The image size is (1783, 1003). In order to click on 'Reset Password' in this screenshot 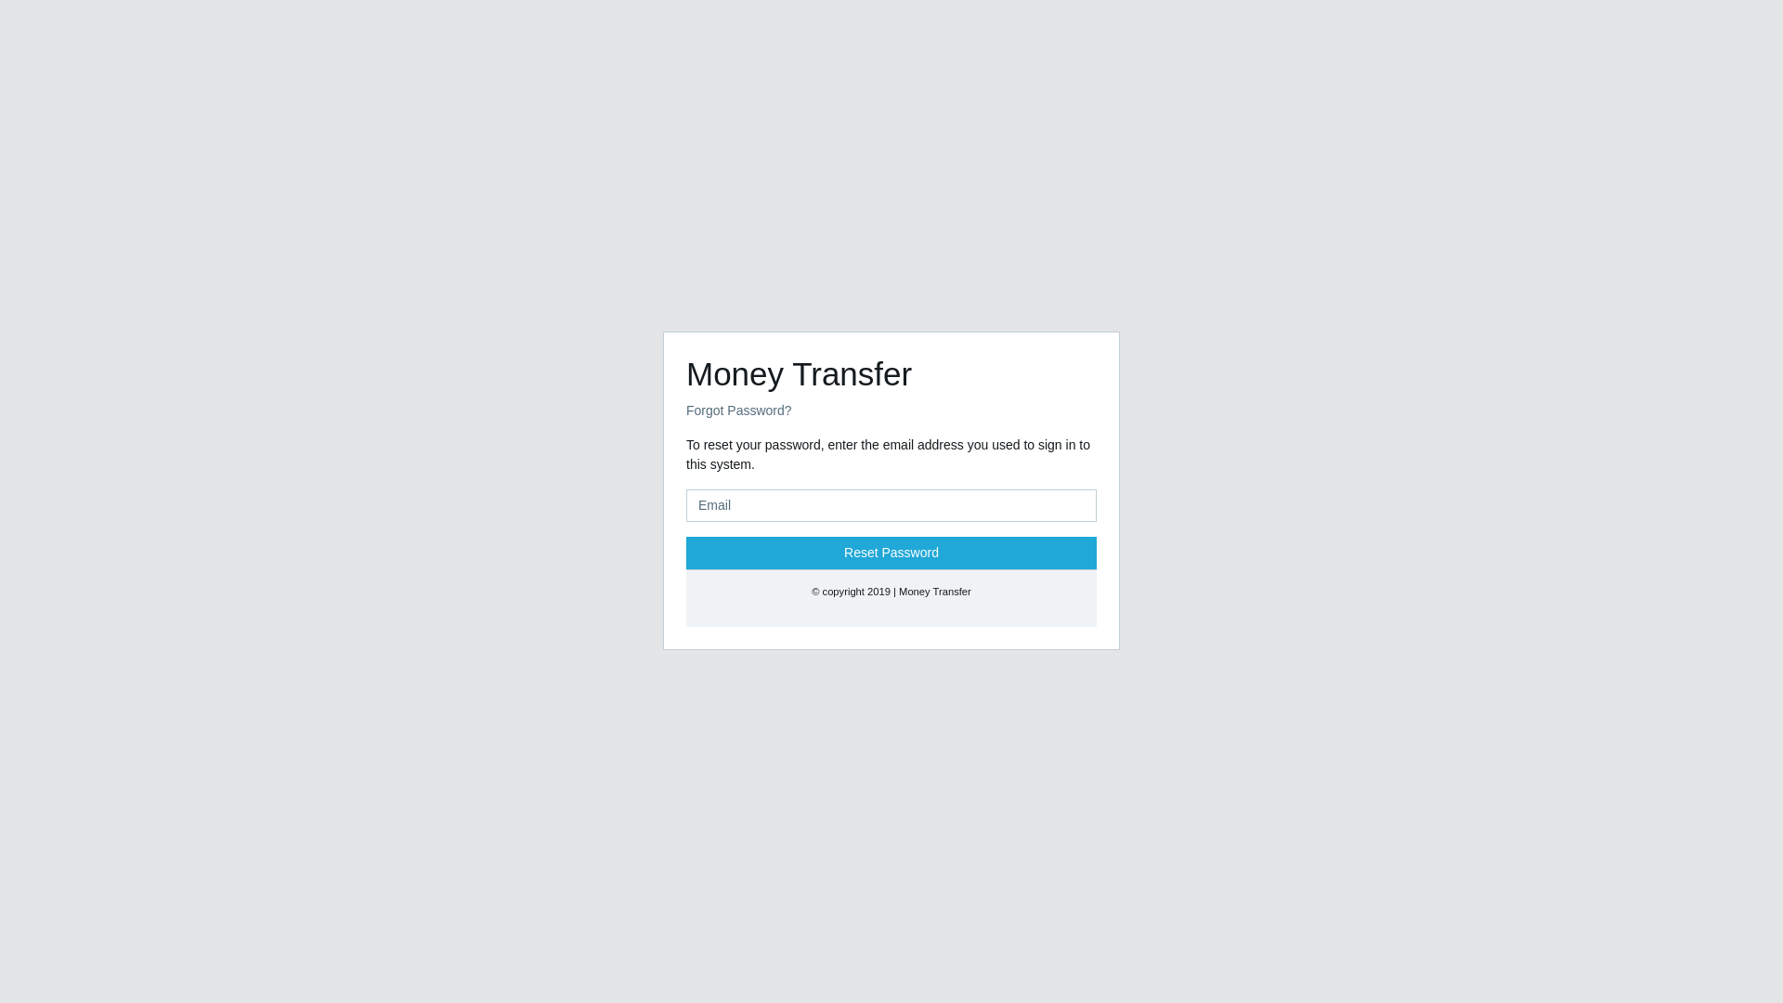, I will do `click(891, 552)`.